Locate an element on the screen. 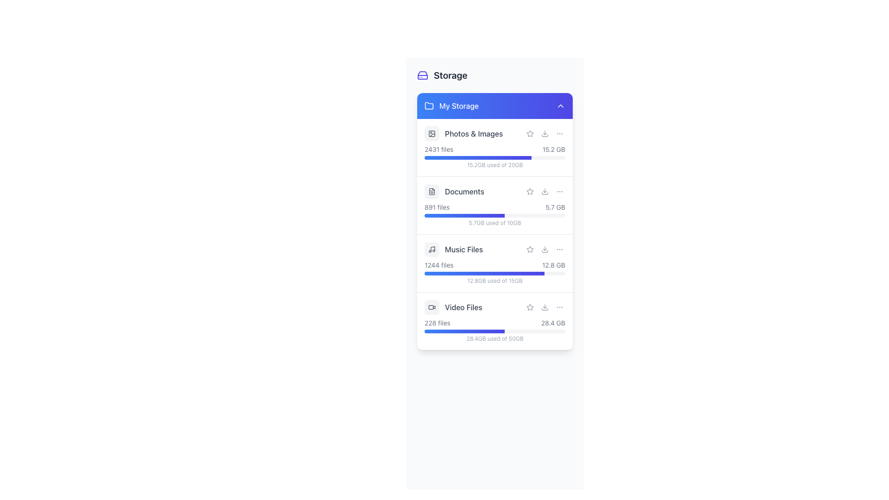 Image resolution: width=889 pixels, height=500 pixels. the star icon, which serves as a favorite indicator for 'Video Files' is located at coordinates (530, 307).